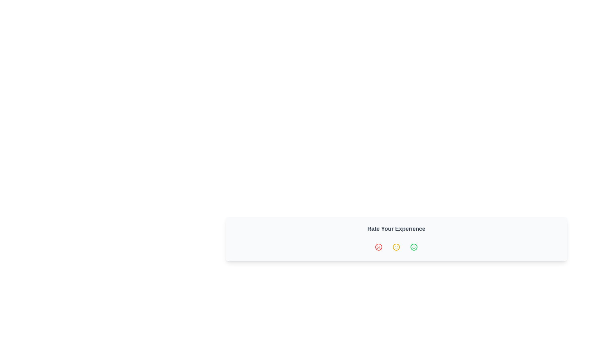  Describe the element at coordinates (414, 247) in the screenshot. I see `the rightmost emotive face icon, which is a circular SVG element with a green outline and filled background, part of a smiley face icon, located beneath the text 'Rate Your Experience'` at that location.